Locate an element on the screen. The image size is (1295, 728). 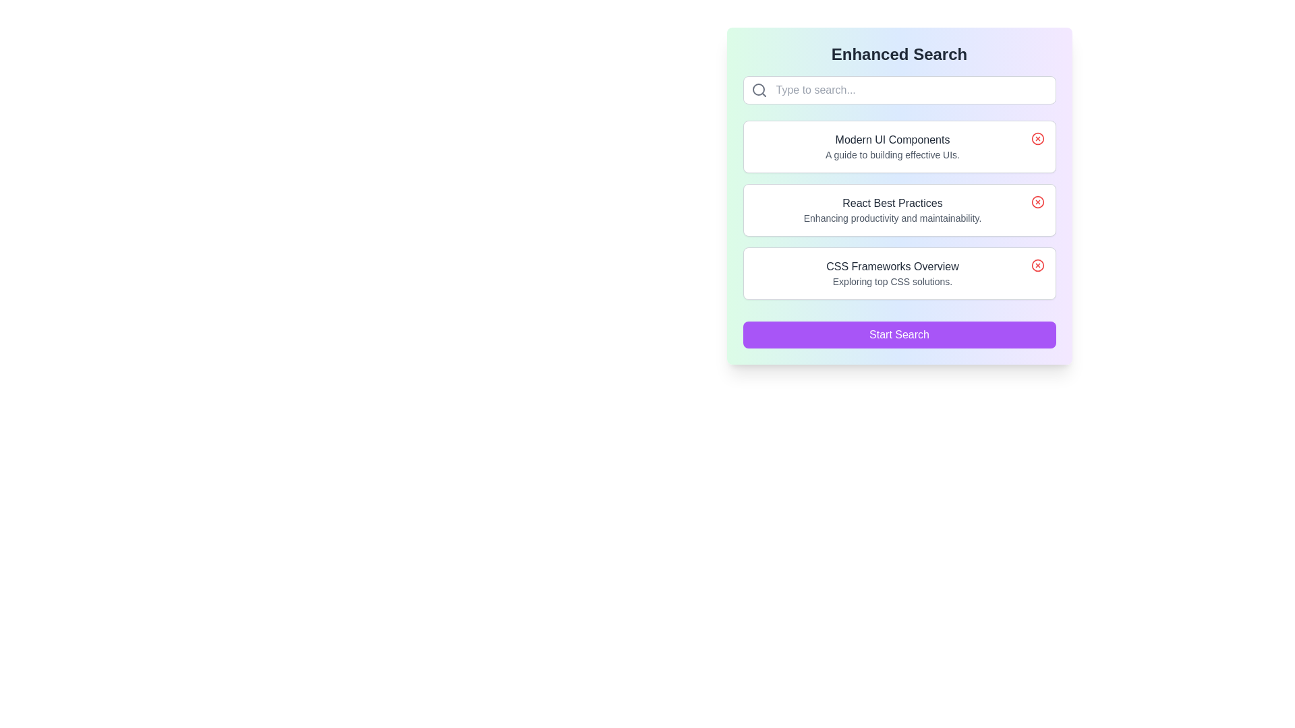
the circular component of the search icon, which represents the magnifying glass's lens, located to the left of the search input field is located at coordinates (758, 89).